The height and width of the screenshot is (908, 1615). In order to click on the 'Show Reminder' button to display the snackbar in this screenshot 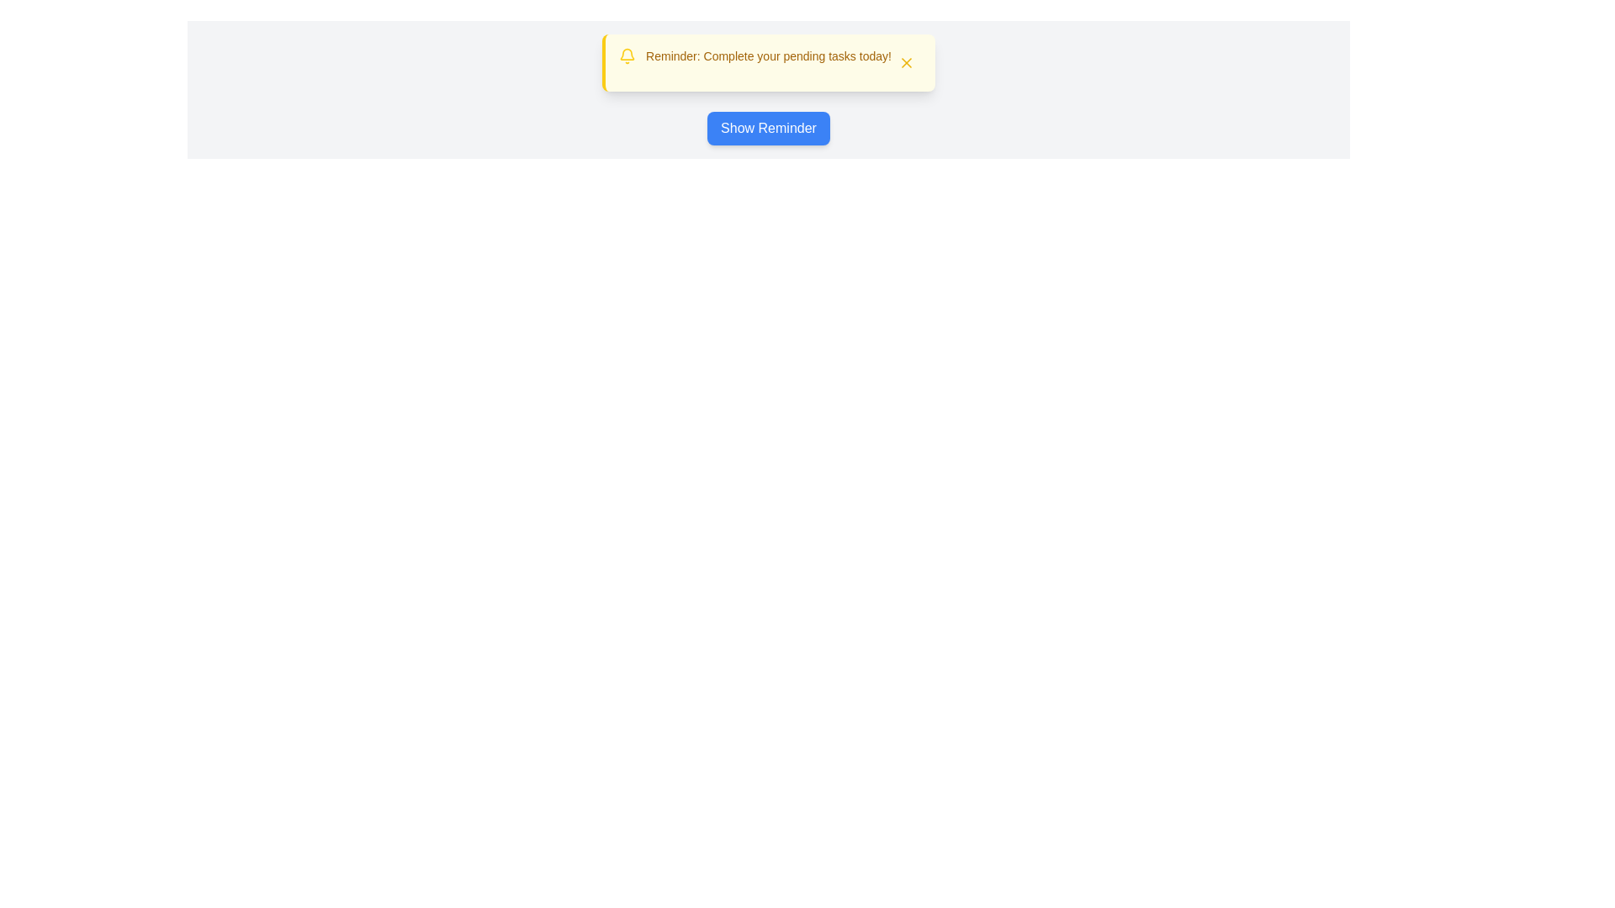, I will do `click(767, 128)`.